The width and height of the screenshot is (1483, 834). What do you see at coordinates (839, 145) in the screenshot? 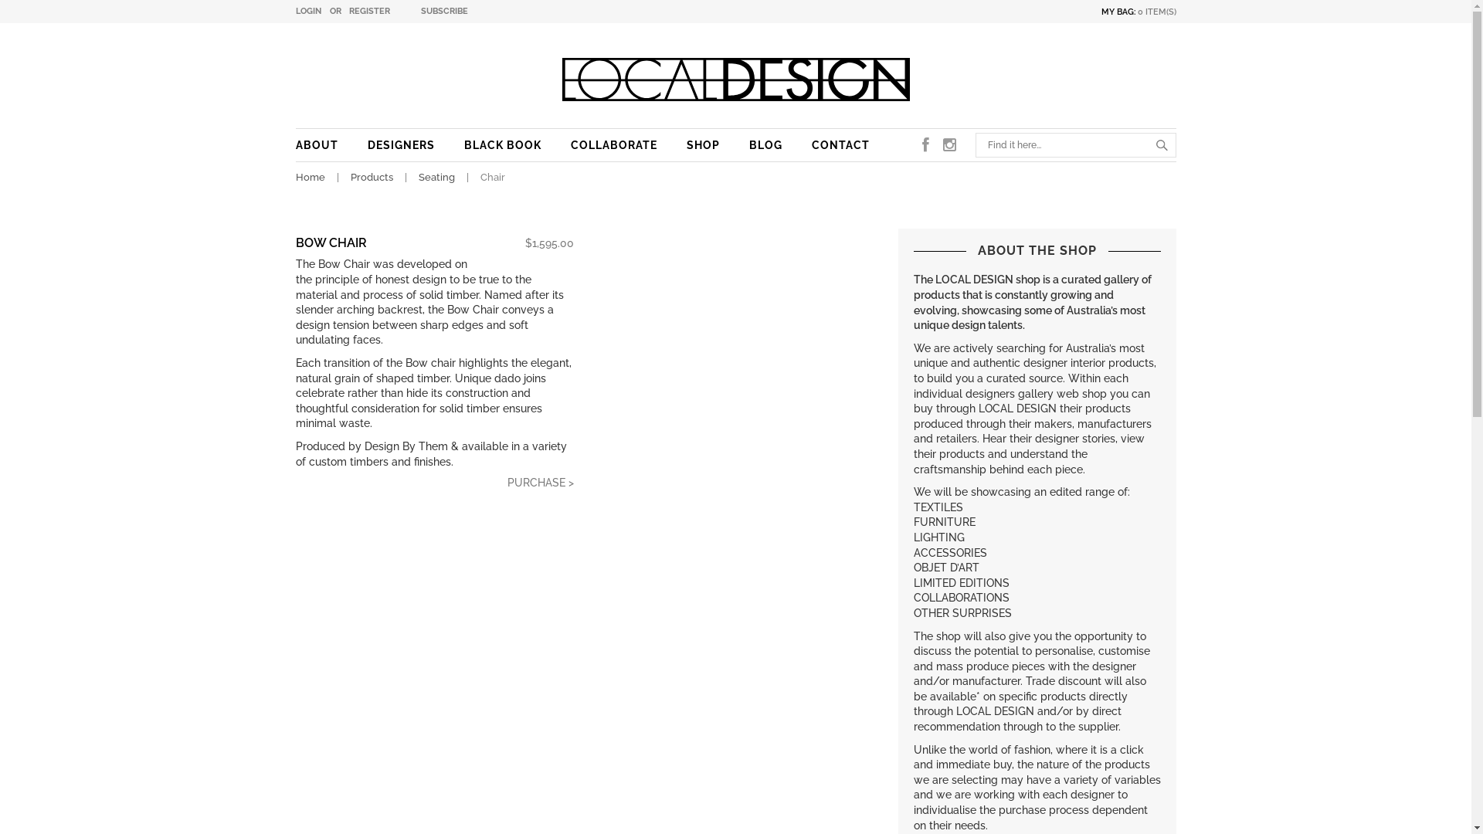
I see `'CONTACT'` at bounding box center [839, 145].